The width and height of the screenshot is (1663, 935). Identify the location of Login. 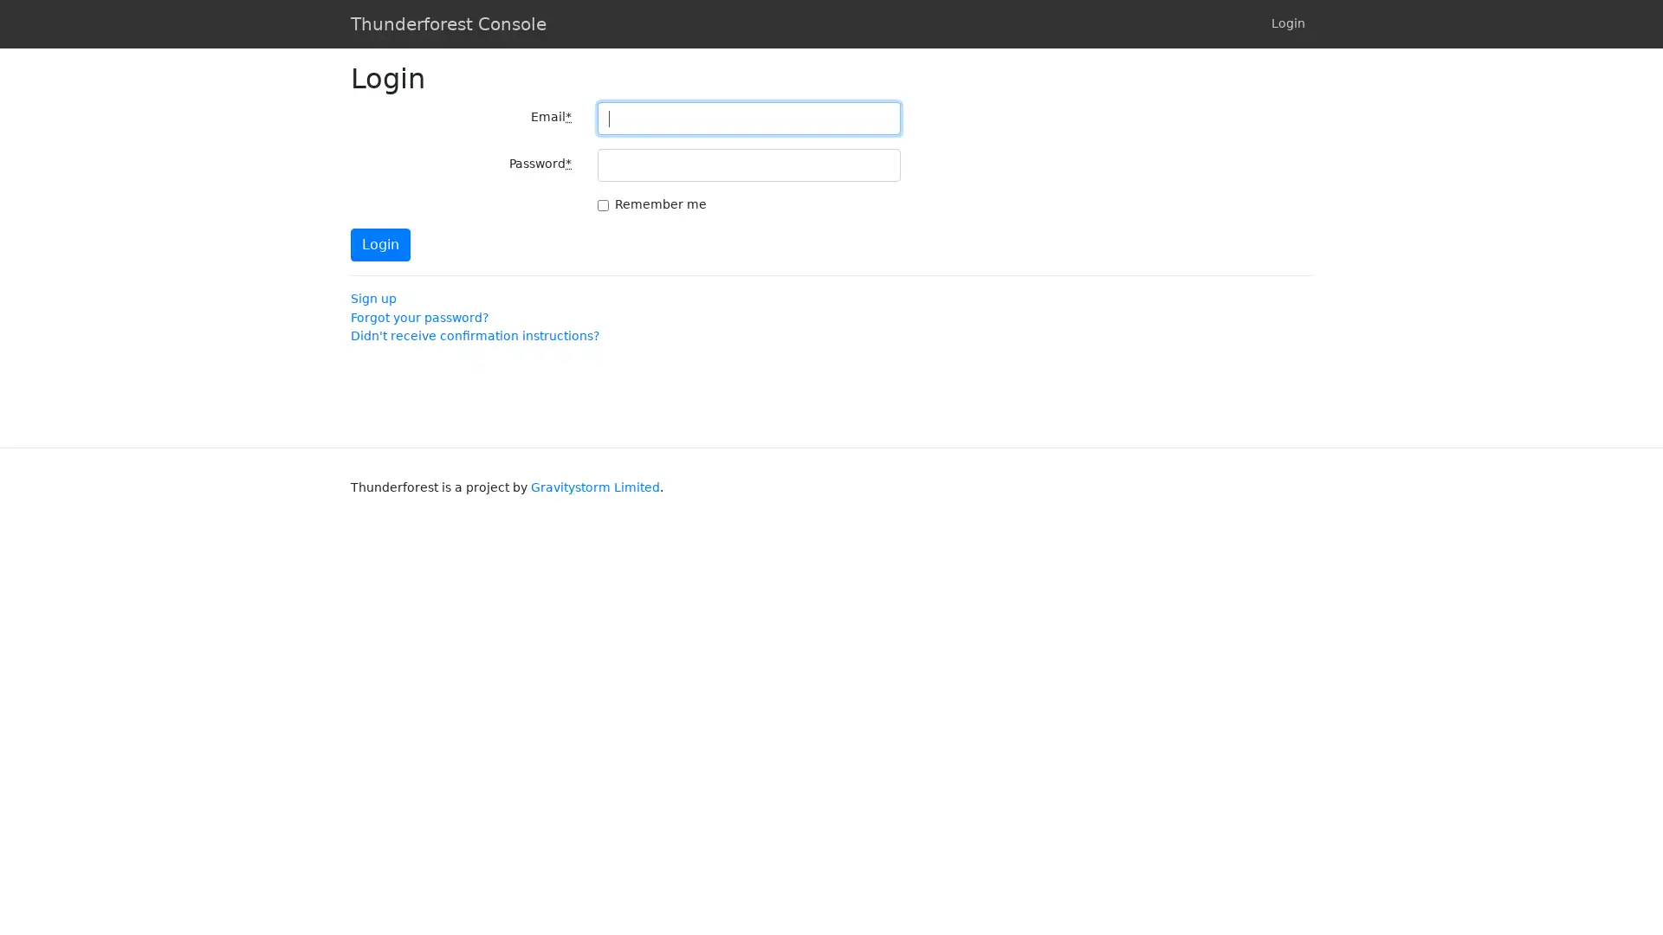
(379, 244).